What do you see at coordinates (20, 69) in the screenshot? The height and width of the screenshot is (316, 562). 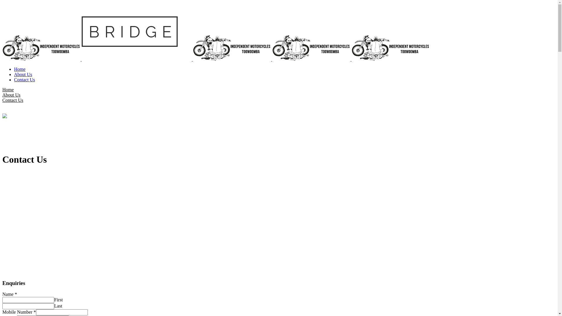 I see `'Home'` at bounding box center [20, 69].